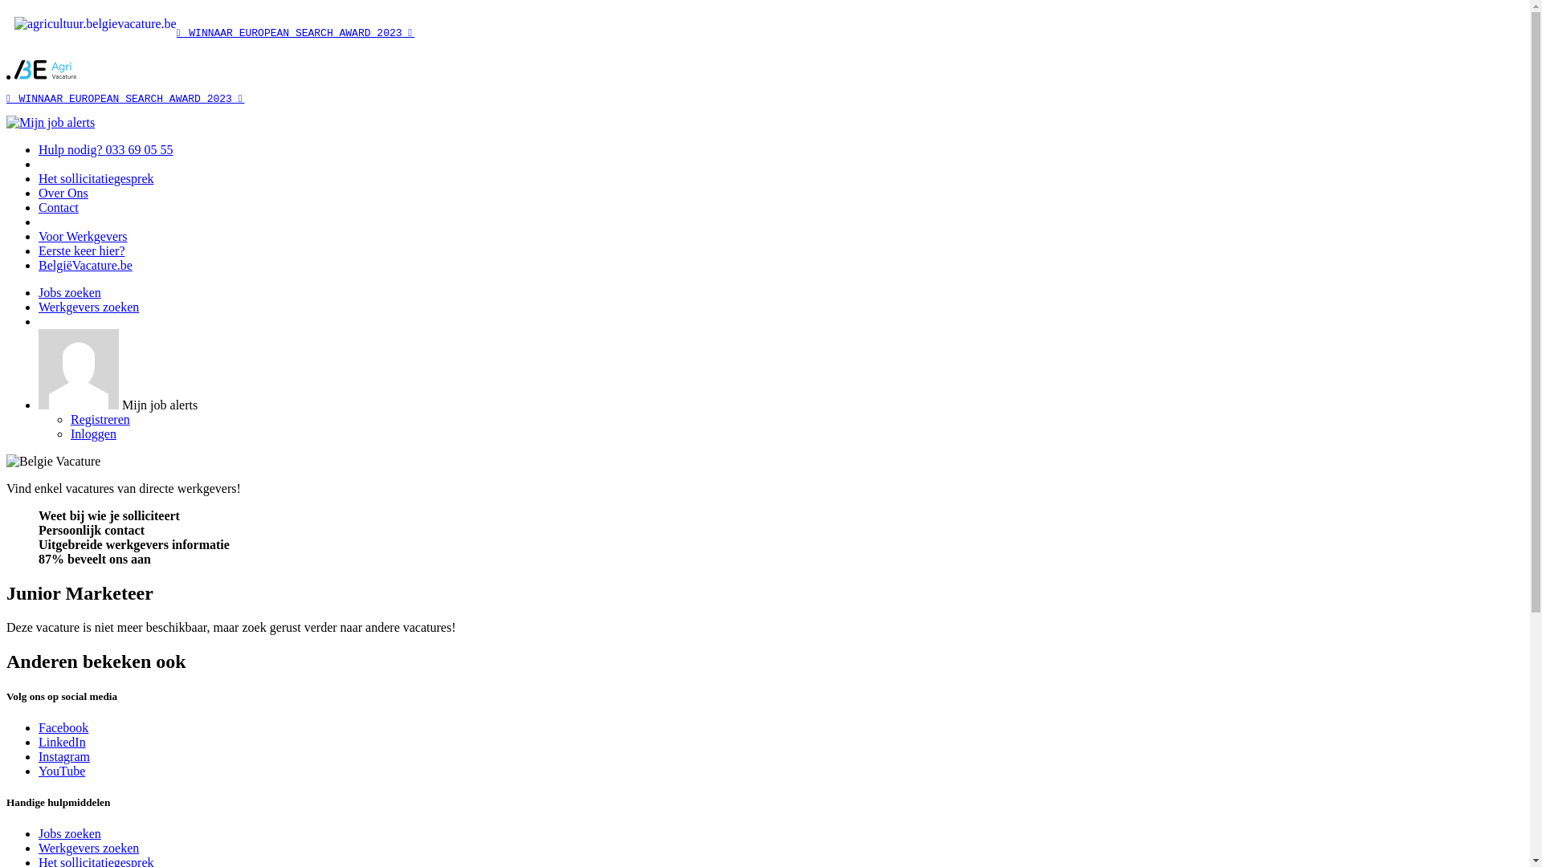 The width and height of the screenshot is (1542, 867). I want to click on 'Contact', so click(39, 206).